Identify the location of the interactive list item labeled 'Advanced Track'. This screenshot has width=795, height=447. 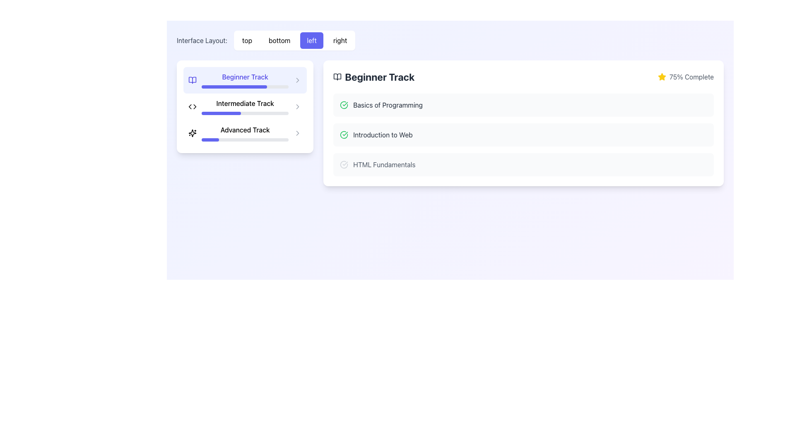
(245, 132).